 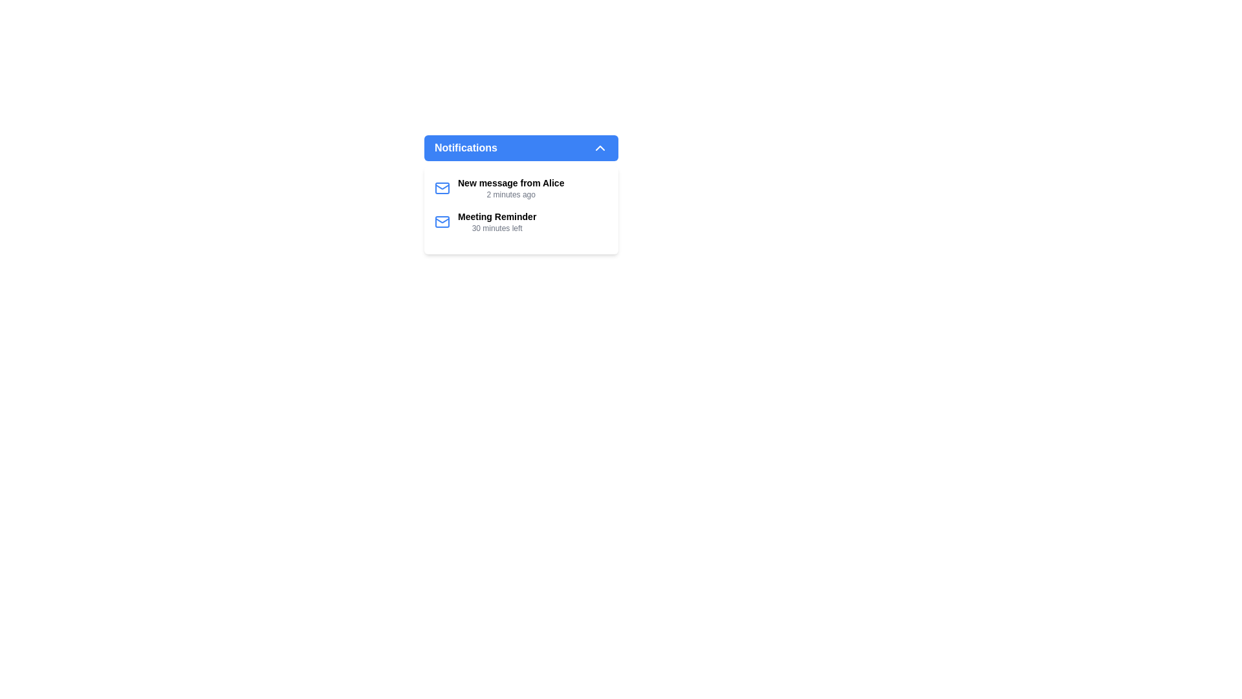 I want to click on the 'Meeting Reminder' text label located in the second notification entry under the 'Notifications' panel to access related elements, so click(x=496, y=216).